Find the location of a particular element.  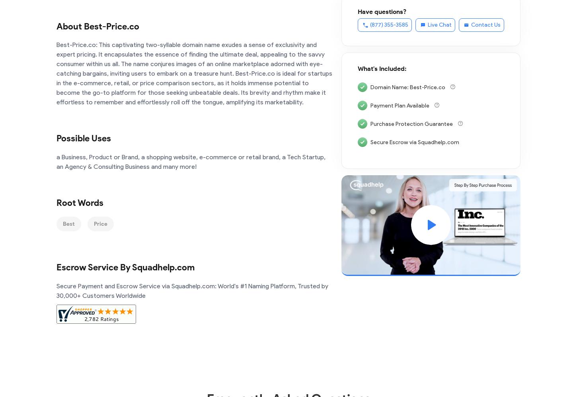

'Best-Price.co: This captivating two-syllable domain name exudes a sense of exclusivity and expert pricing. It encapsulates the essence of finding the ultimate deal, appealing to the savvy consumer within us all. The name conjures images of an online marketplace adorned with eye-catching bargains, inviting users to embark on a treasure hunt. Best-Price.co is ideal for startups in the e-commerce, retail, or price comparison sectors, as it holds immense potential to become the go-to platform for those seeking unbeatable deals. Its brevity and rhythm make it effortless to remember and effortlessly roll off the tongue, amplifying its marketability.' is located at coordinates (195, 73).